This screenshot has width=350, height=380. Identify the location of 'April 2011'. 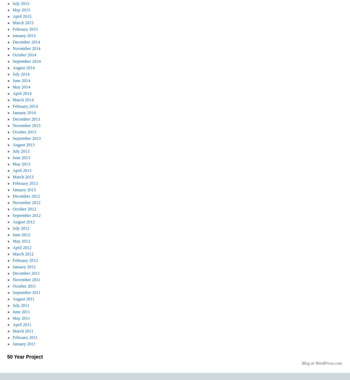
(21, 325).